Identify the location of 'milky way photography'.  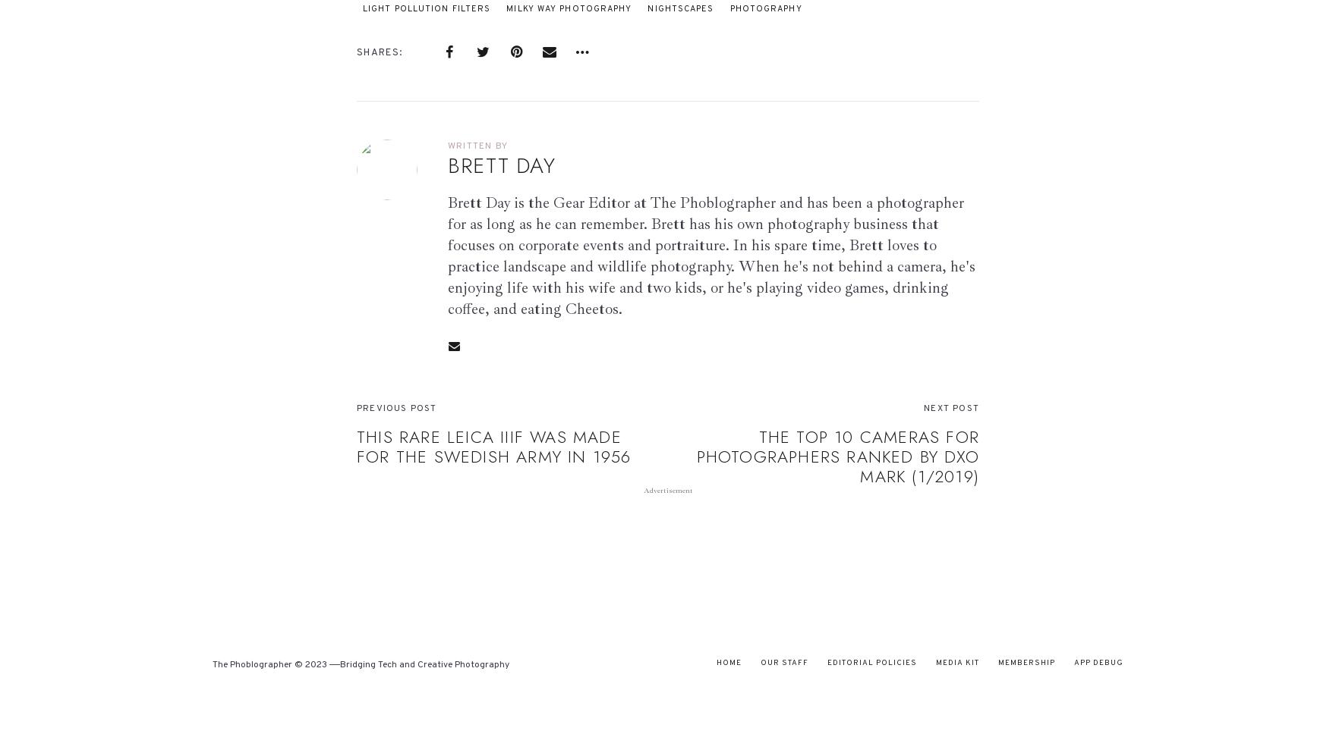
(506, 8).